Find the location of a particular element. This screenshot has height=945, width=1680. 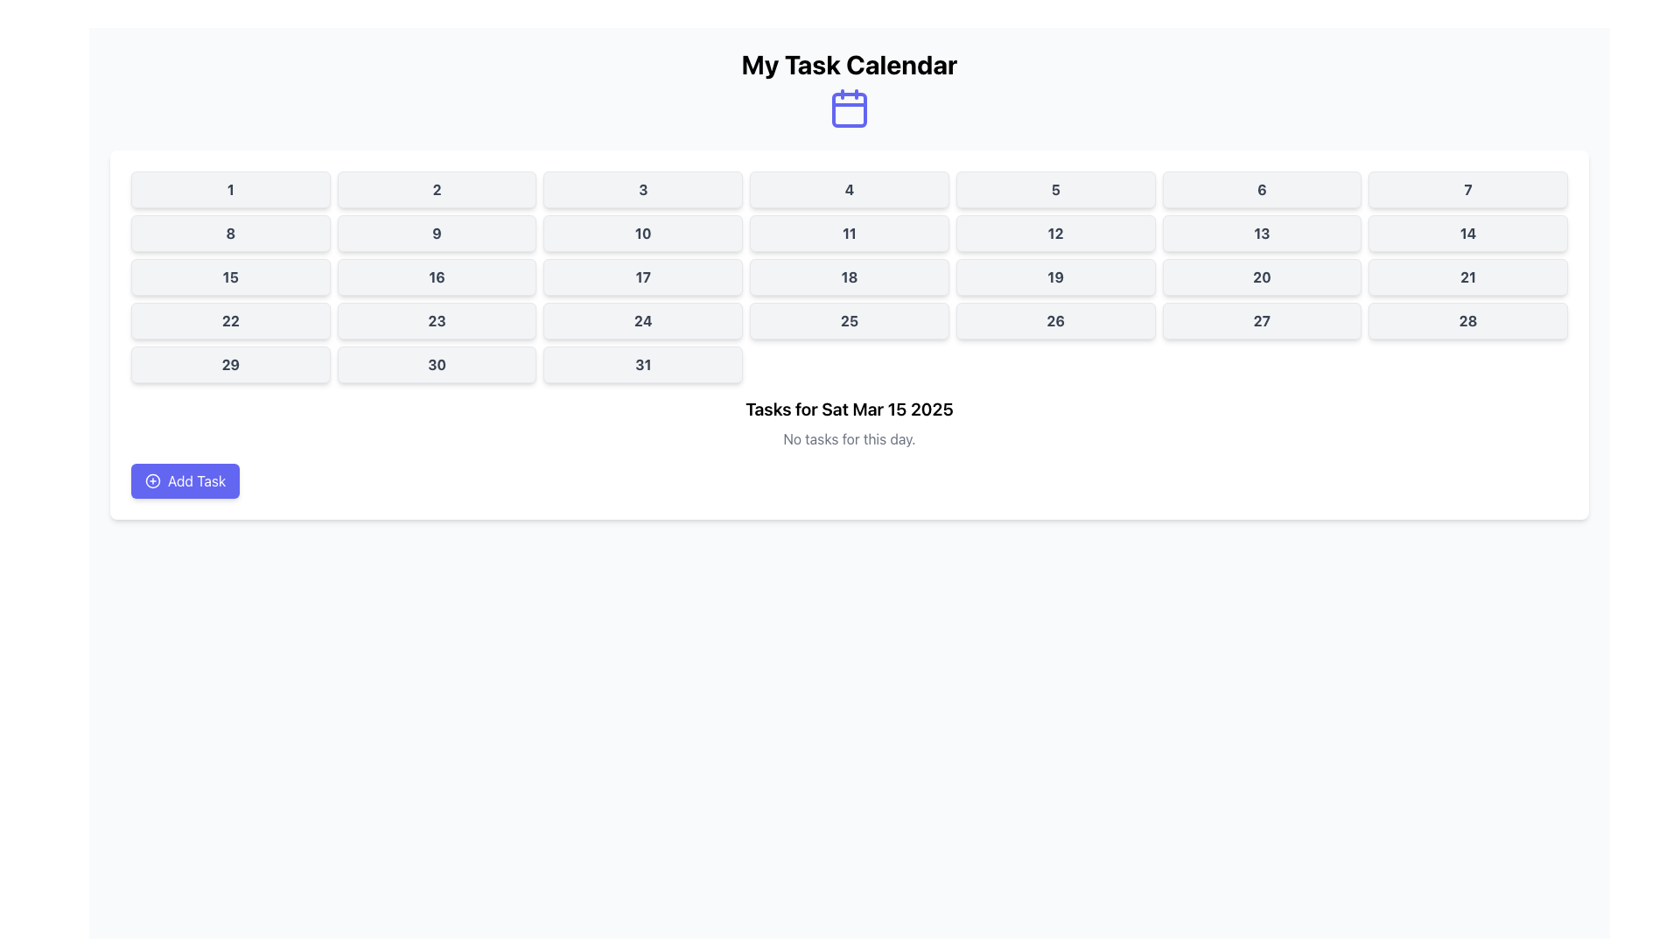

the fourth button in the first row of the calendar interface is located at coordinates (849, 189).